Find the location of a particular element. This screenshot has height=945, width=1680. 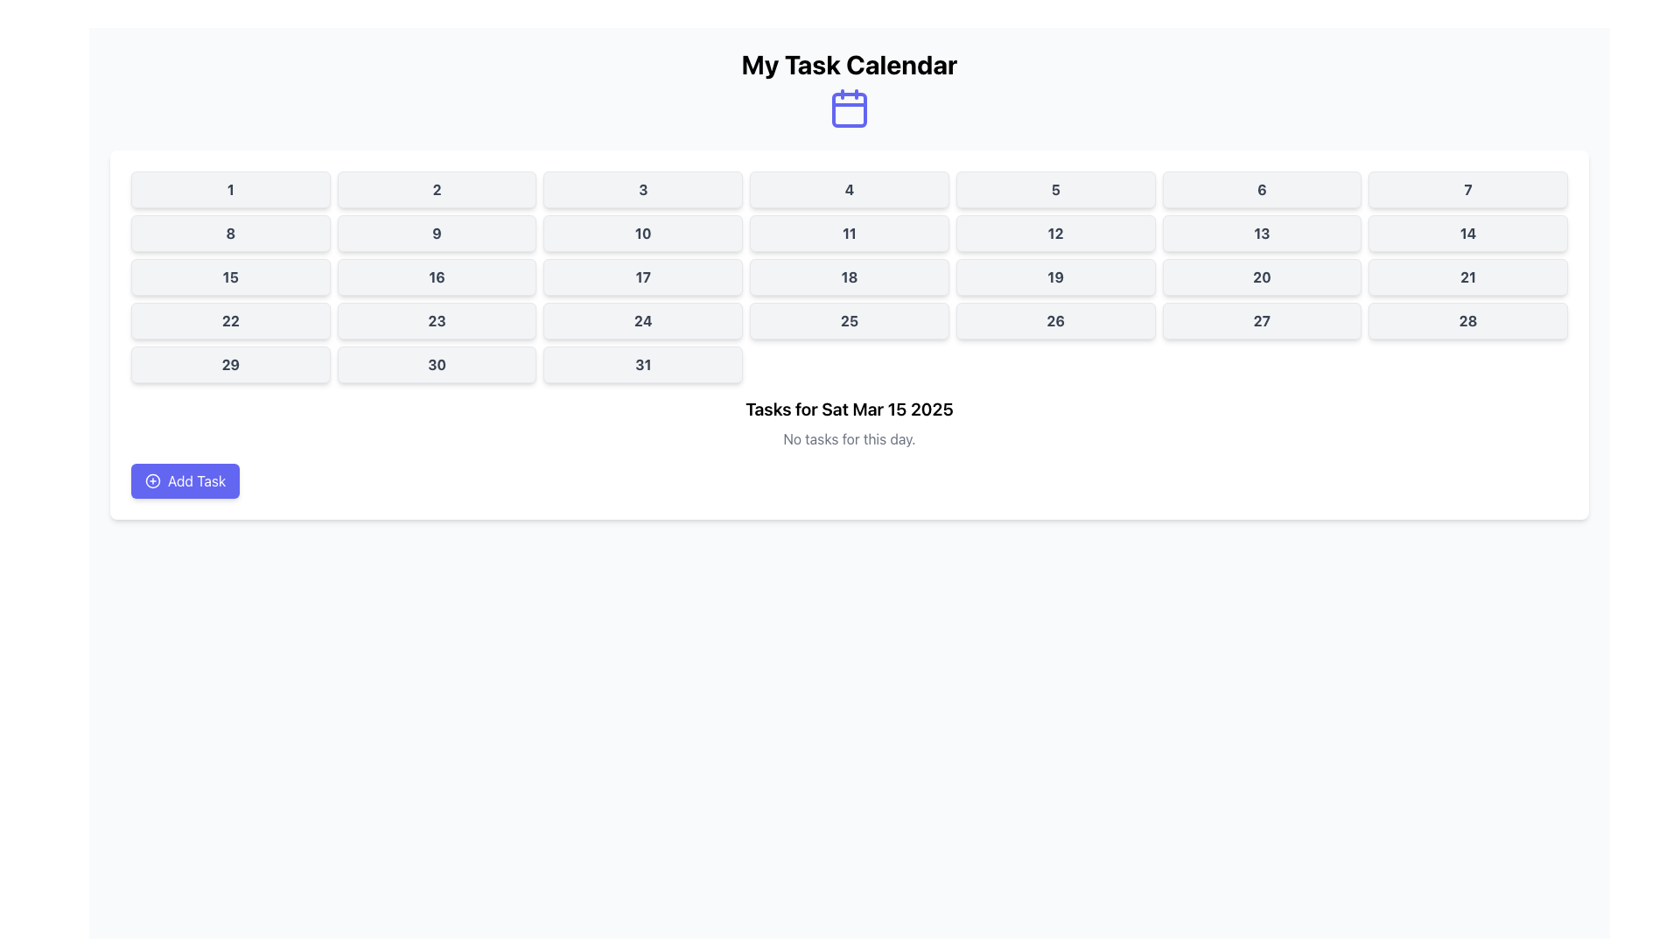

the fourth button in the first row of the calendar interface is located at coordinates (849, 189).